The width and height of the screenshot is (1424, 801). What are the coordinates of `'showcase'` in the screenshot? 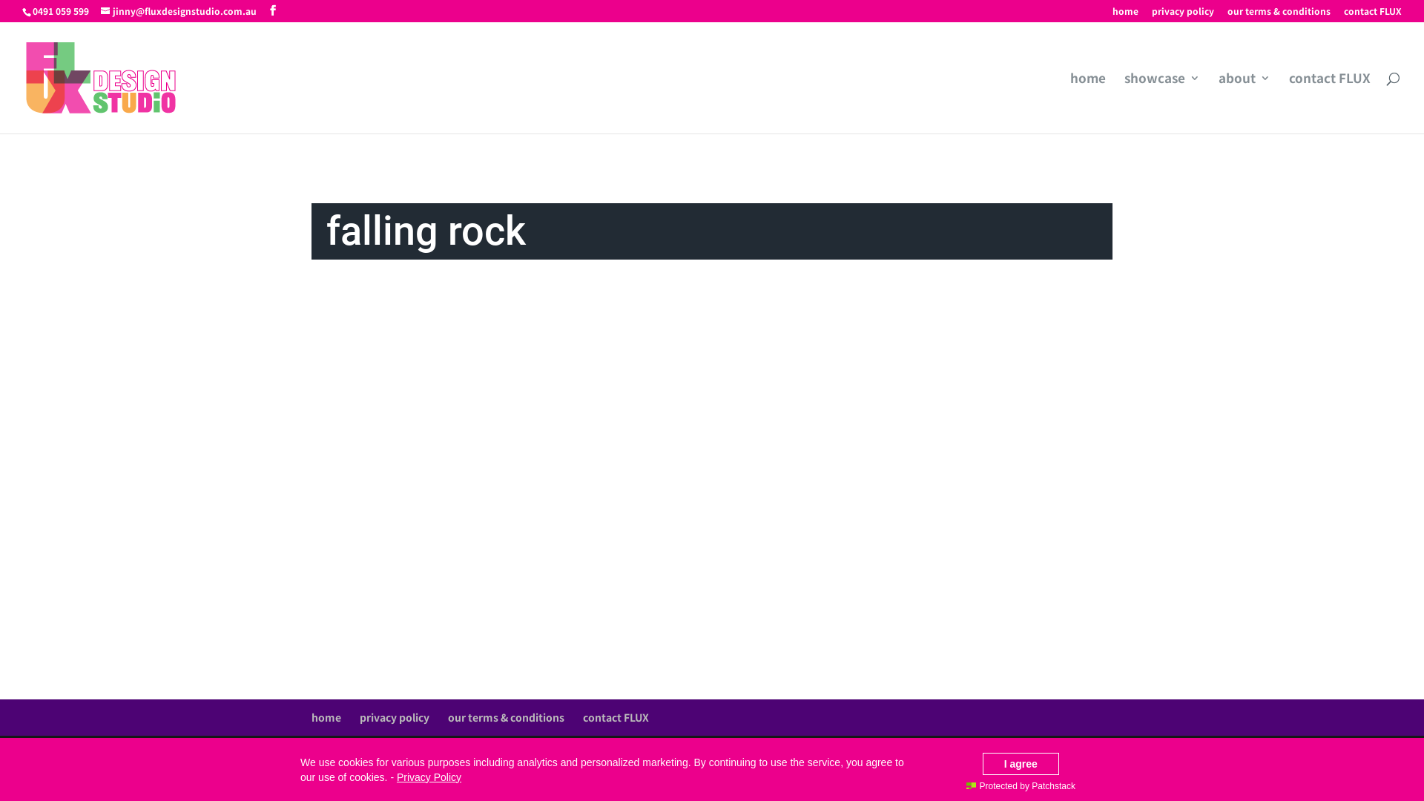 It's located at (1161, 102).